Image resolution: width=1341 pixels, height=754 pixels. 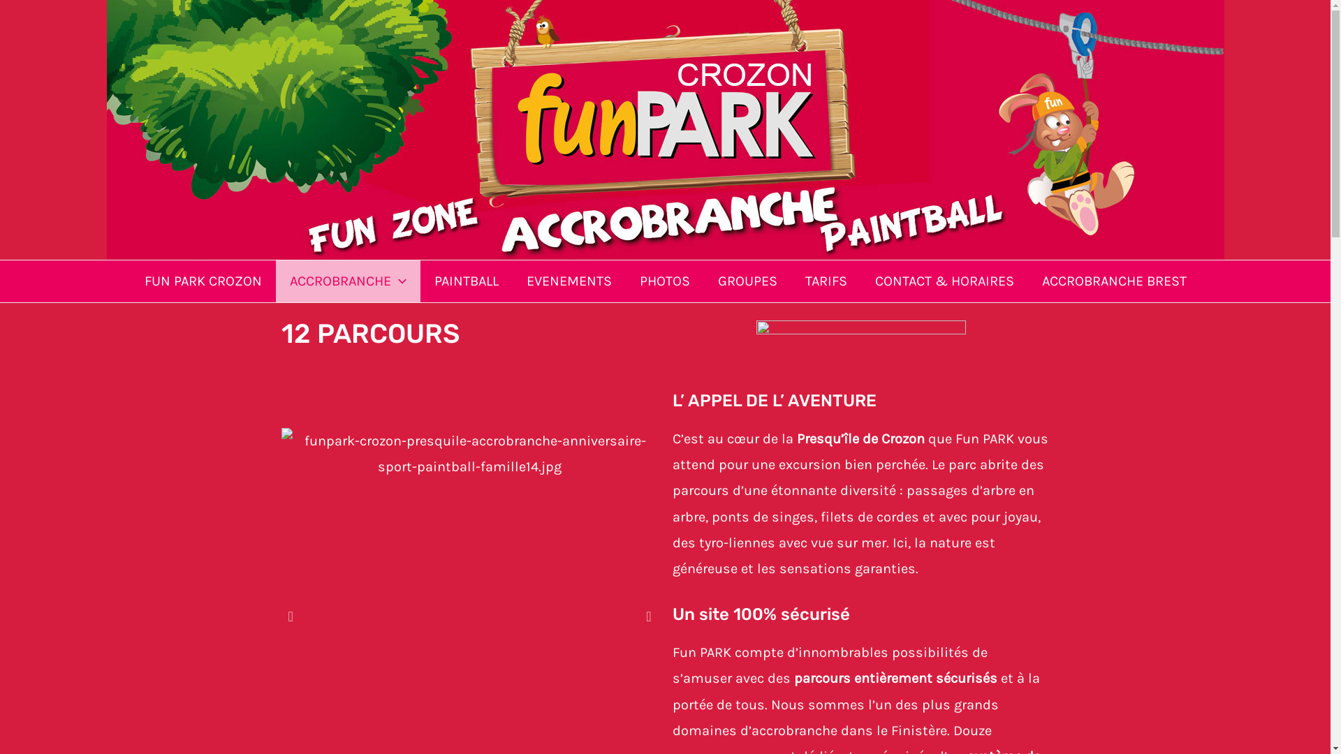 I want to click on 'TARIFS', so click(x=825, y=281).